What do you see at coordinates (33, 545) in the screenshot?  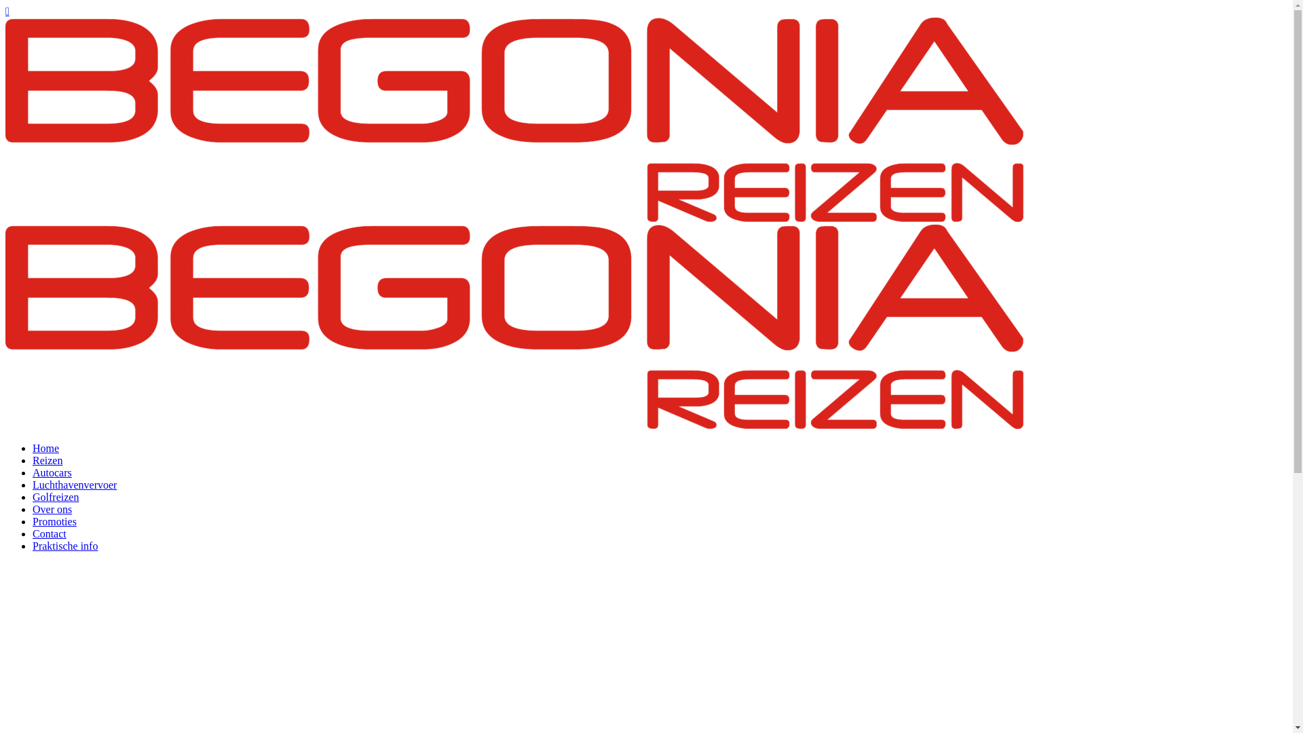 I see `'Praktische info'` at bounding box center [33, 545].